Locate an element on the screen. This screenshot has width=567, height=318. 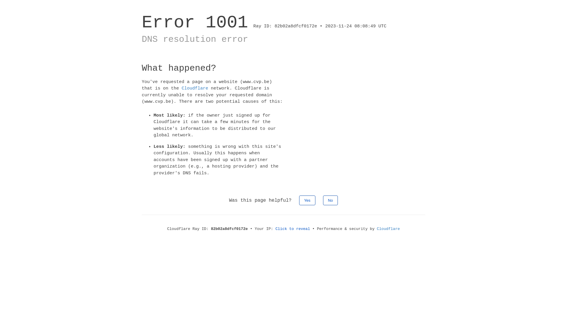
'Click to reveal' is located at coordinates (293, 228).